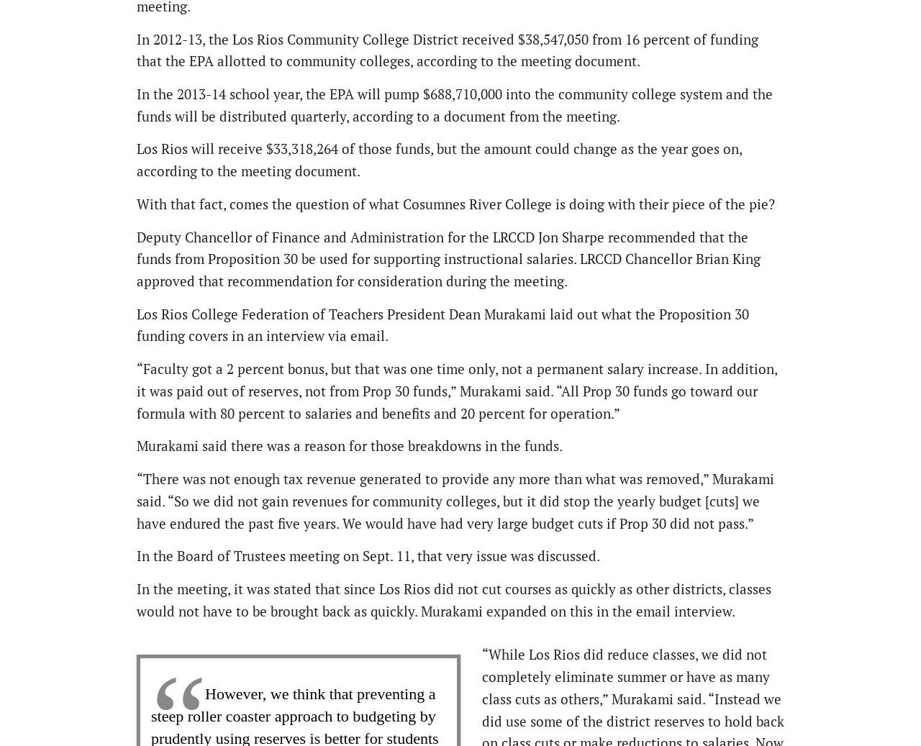 The height and width of the screenshot is (746, 921). Describe the element at coordinates (350, 445) in the screenshot. I see `'Murakami said there was a reason for those breakdowns in the funds.'` at that location.